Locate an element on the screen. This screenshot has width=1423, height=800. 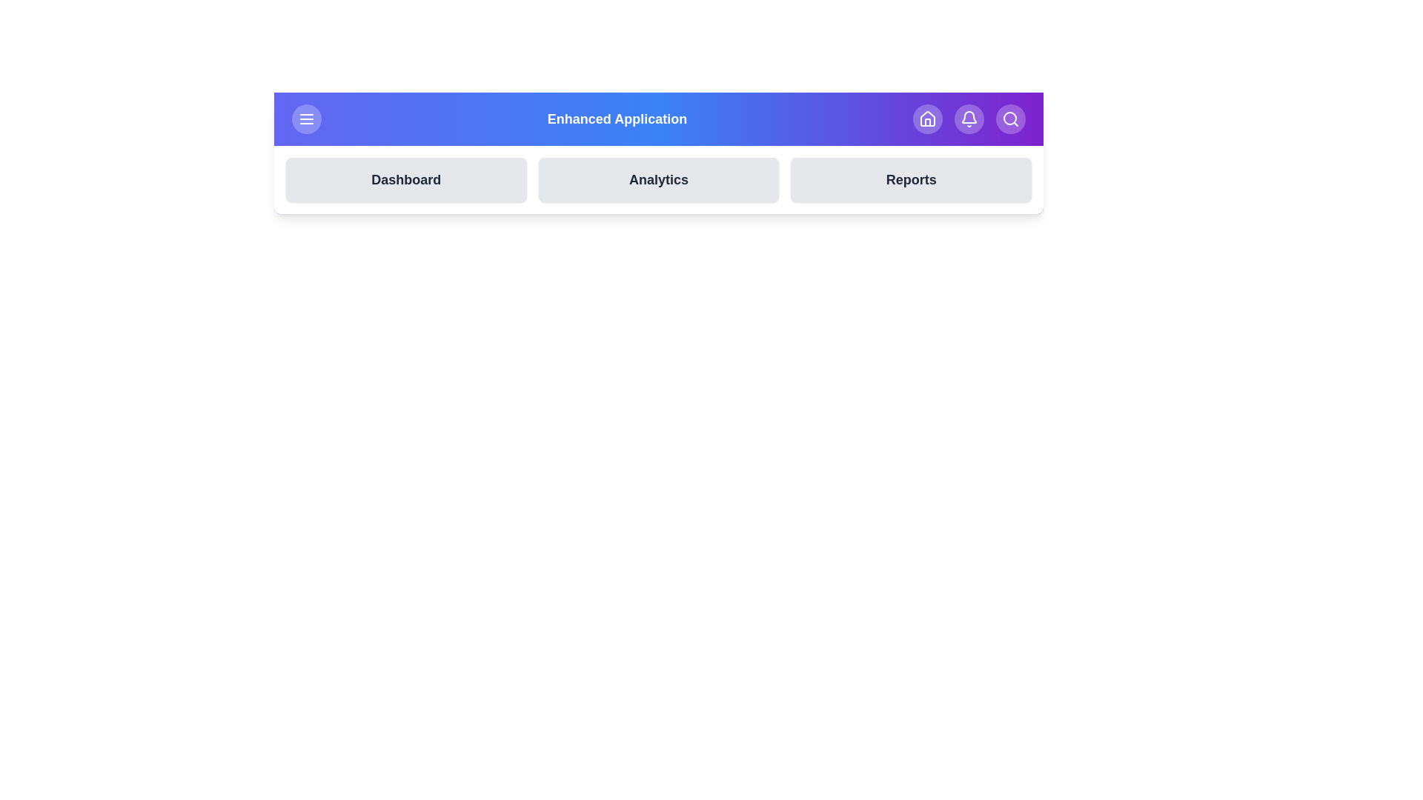
the button labeled Search to observe the visual feedback is located at coordinates (1009, 119).